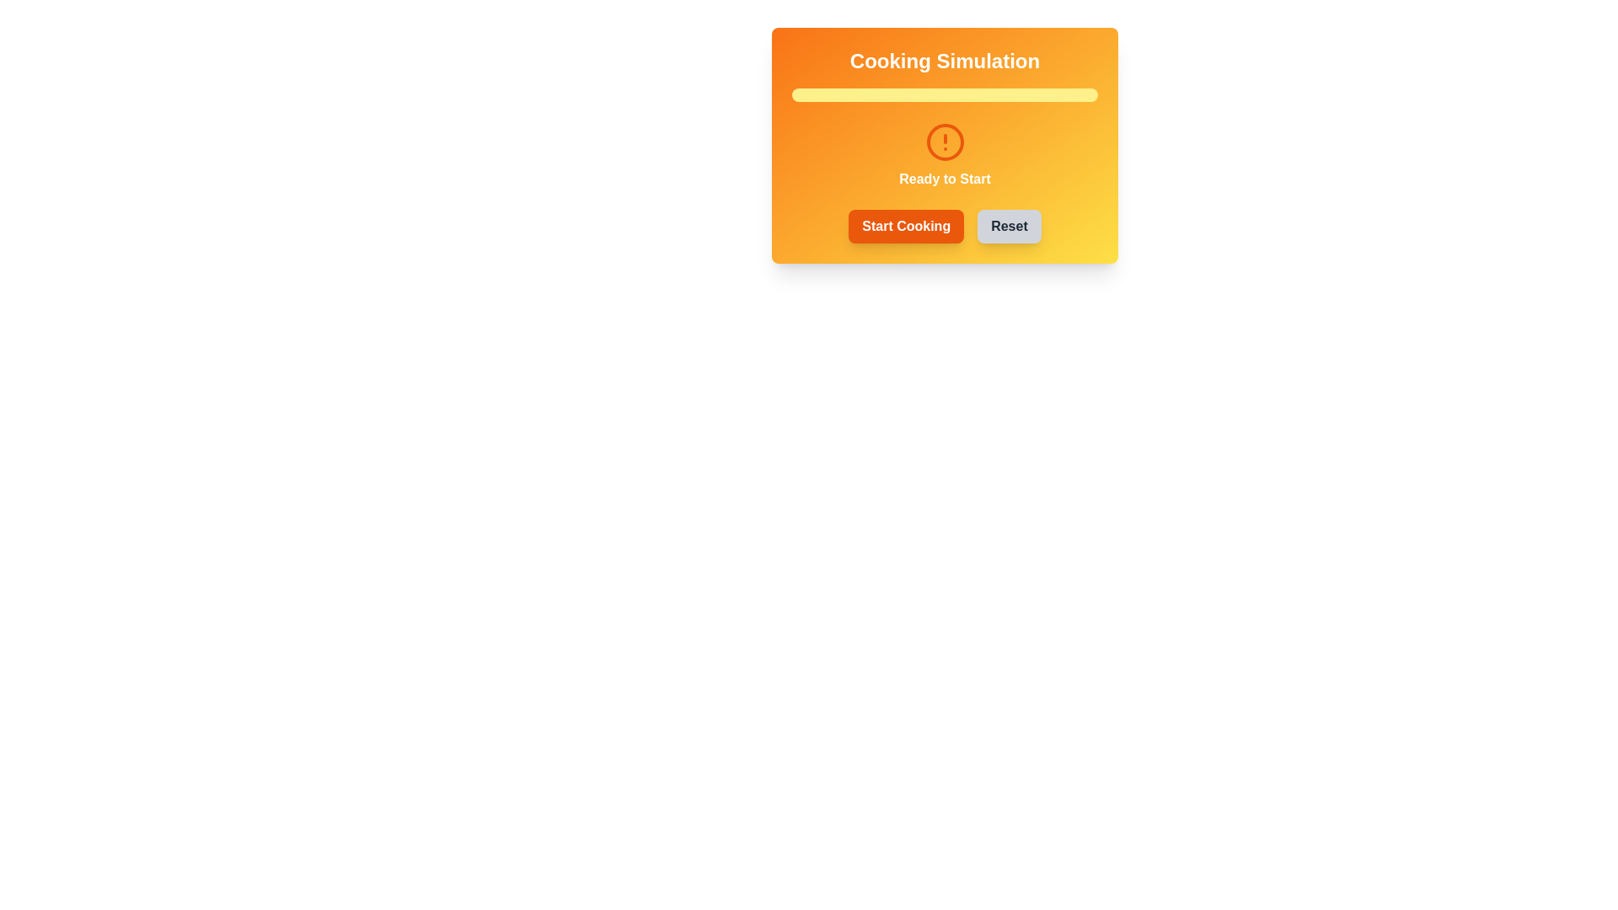 This screenshot has height=910, width=1618. Describe the element at coordinates (1009, 226) in the screenshot. I see `the reset button located in the bottom-right corner of the two-button group, which is positioned near the center of the interface` at that location.